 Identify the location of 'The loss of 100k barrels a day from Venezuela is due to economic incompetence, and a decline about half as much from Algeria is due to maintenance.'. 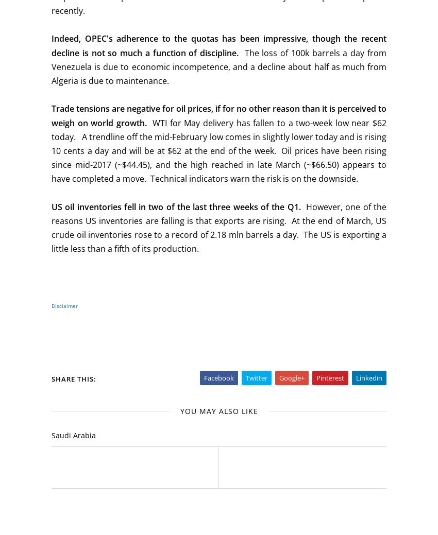
(219, 66).